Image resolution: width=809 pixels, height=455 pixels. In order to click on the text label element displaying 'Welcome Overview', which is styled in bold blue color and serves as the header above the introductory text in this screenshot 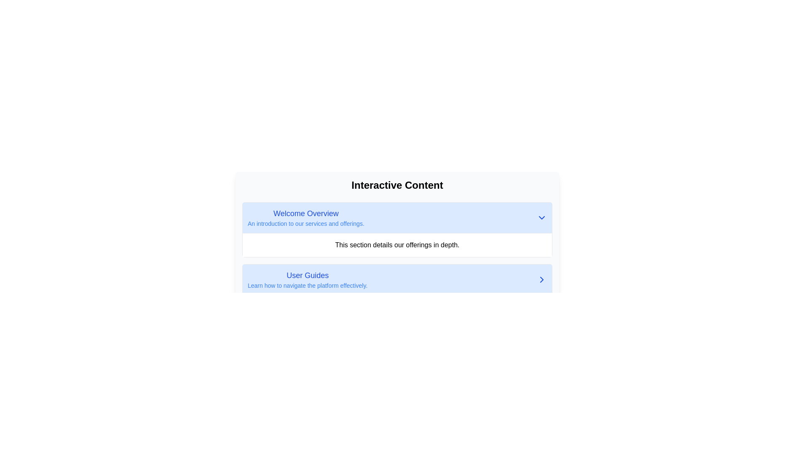, I will do `click(305, 213)`.